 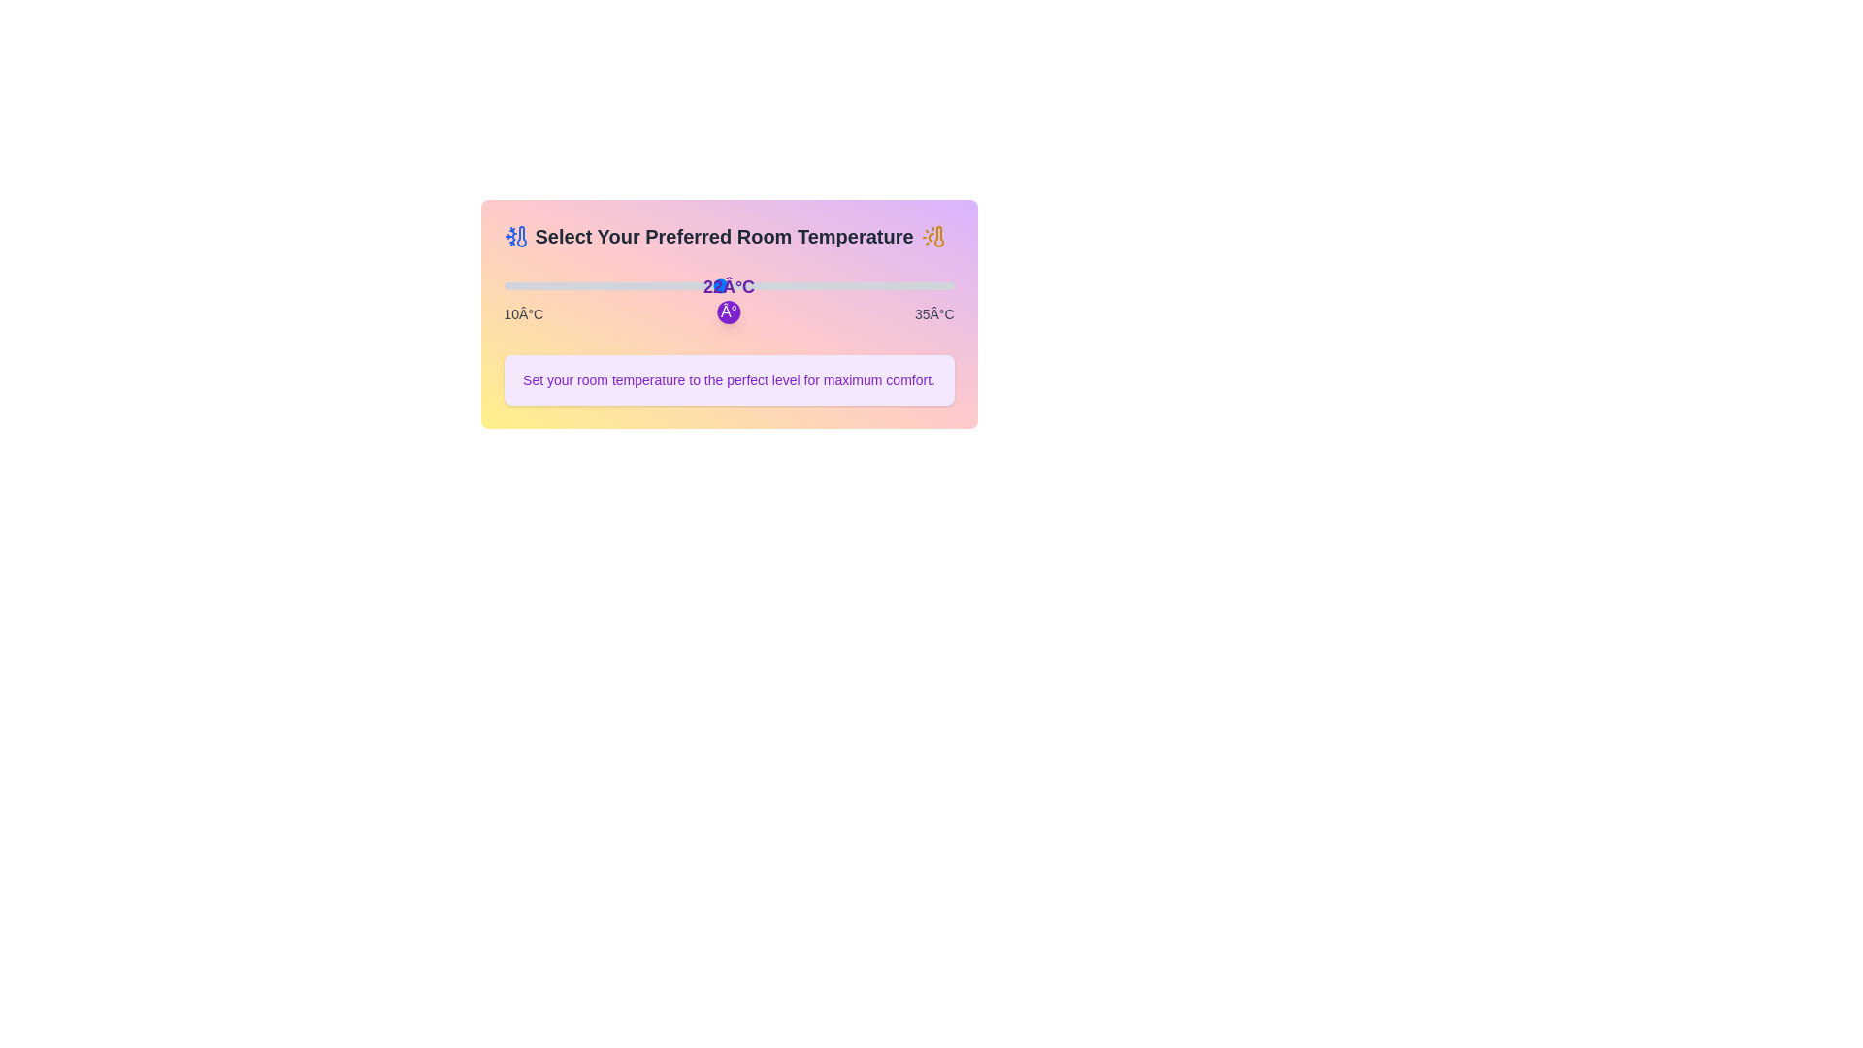 What do you see at coordinates (932, 235) in the screenshot?
I see `the icon sun to view its tooltip` at bounding box center [932, 235].